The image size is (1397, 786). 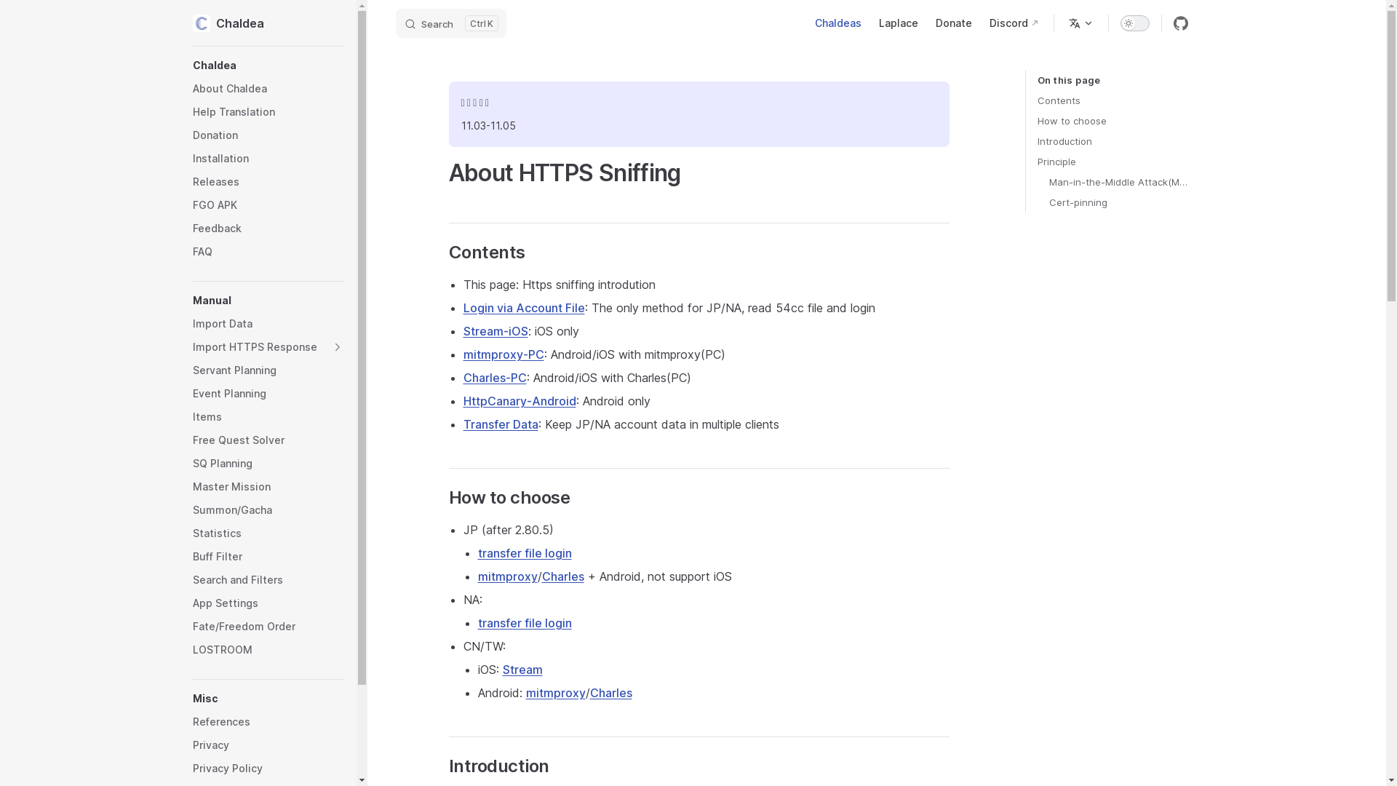 What do you see at coordinates (395, 23) in the screenshot?
I see `'Search` at bounding box center [395, 23].